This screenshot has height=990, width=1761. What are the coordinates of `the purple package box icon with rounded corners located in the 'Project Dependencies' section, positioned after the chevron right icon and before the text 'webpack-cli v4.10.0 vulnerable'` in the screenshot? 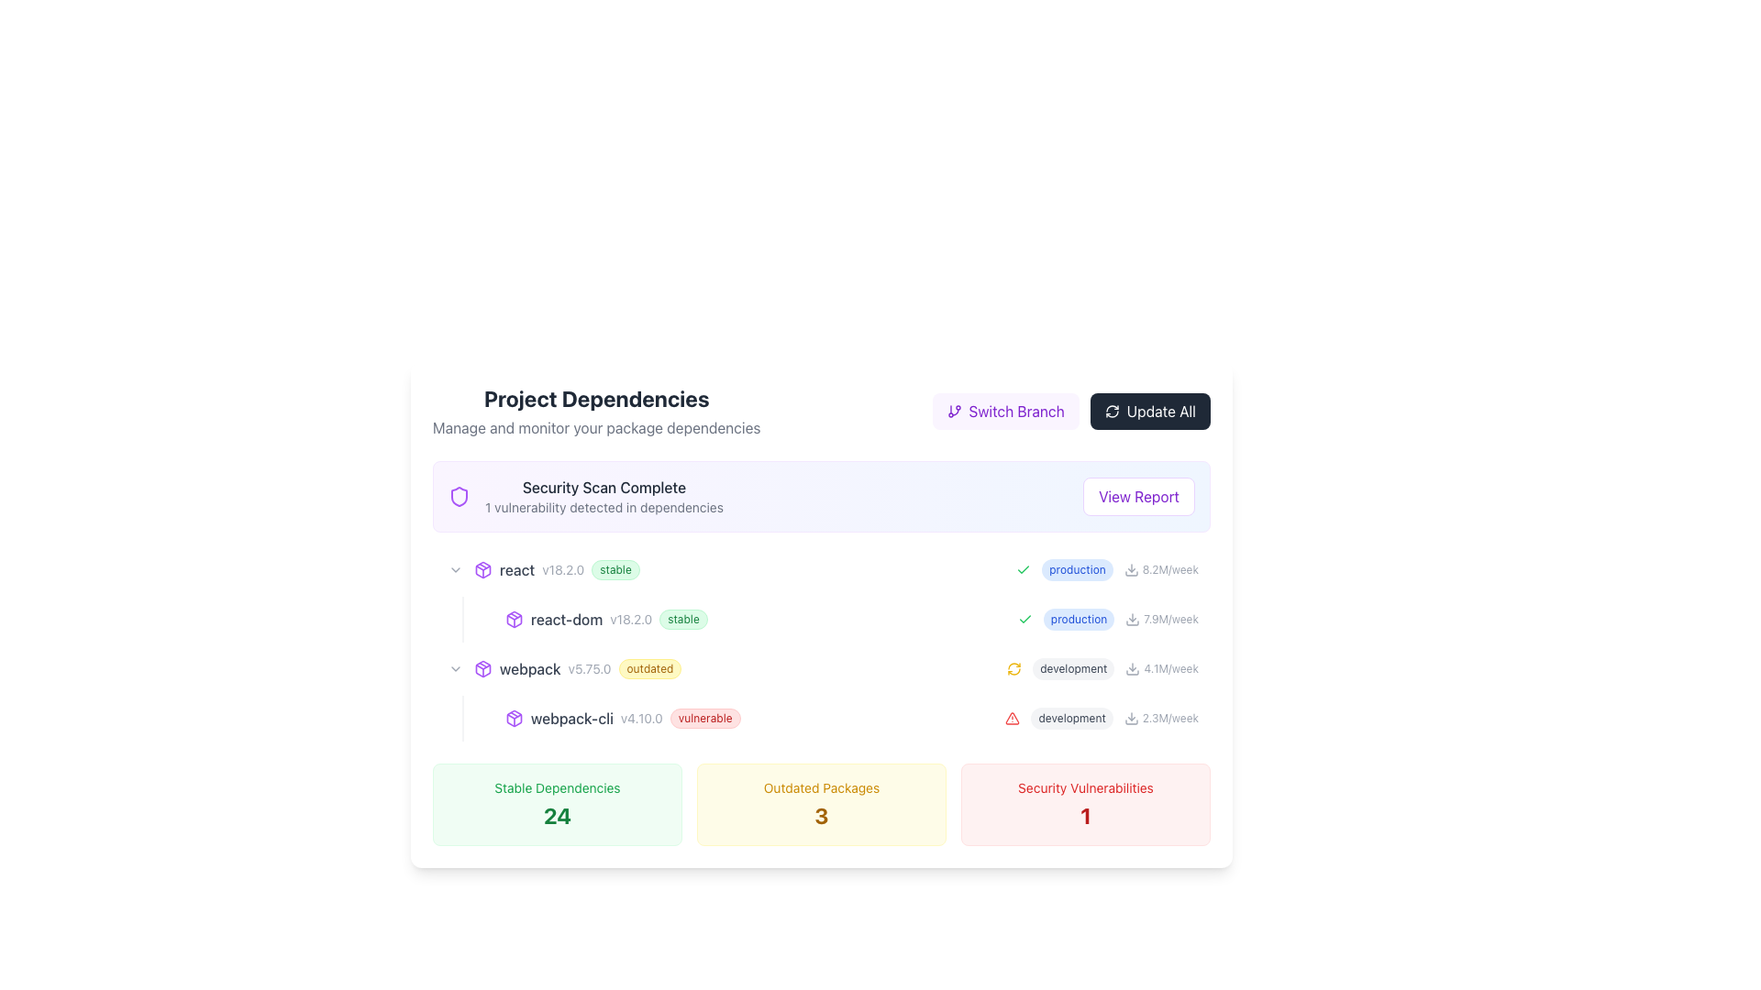 It's located at (514, 717).